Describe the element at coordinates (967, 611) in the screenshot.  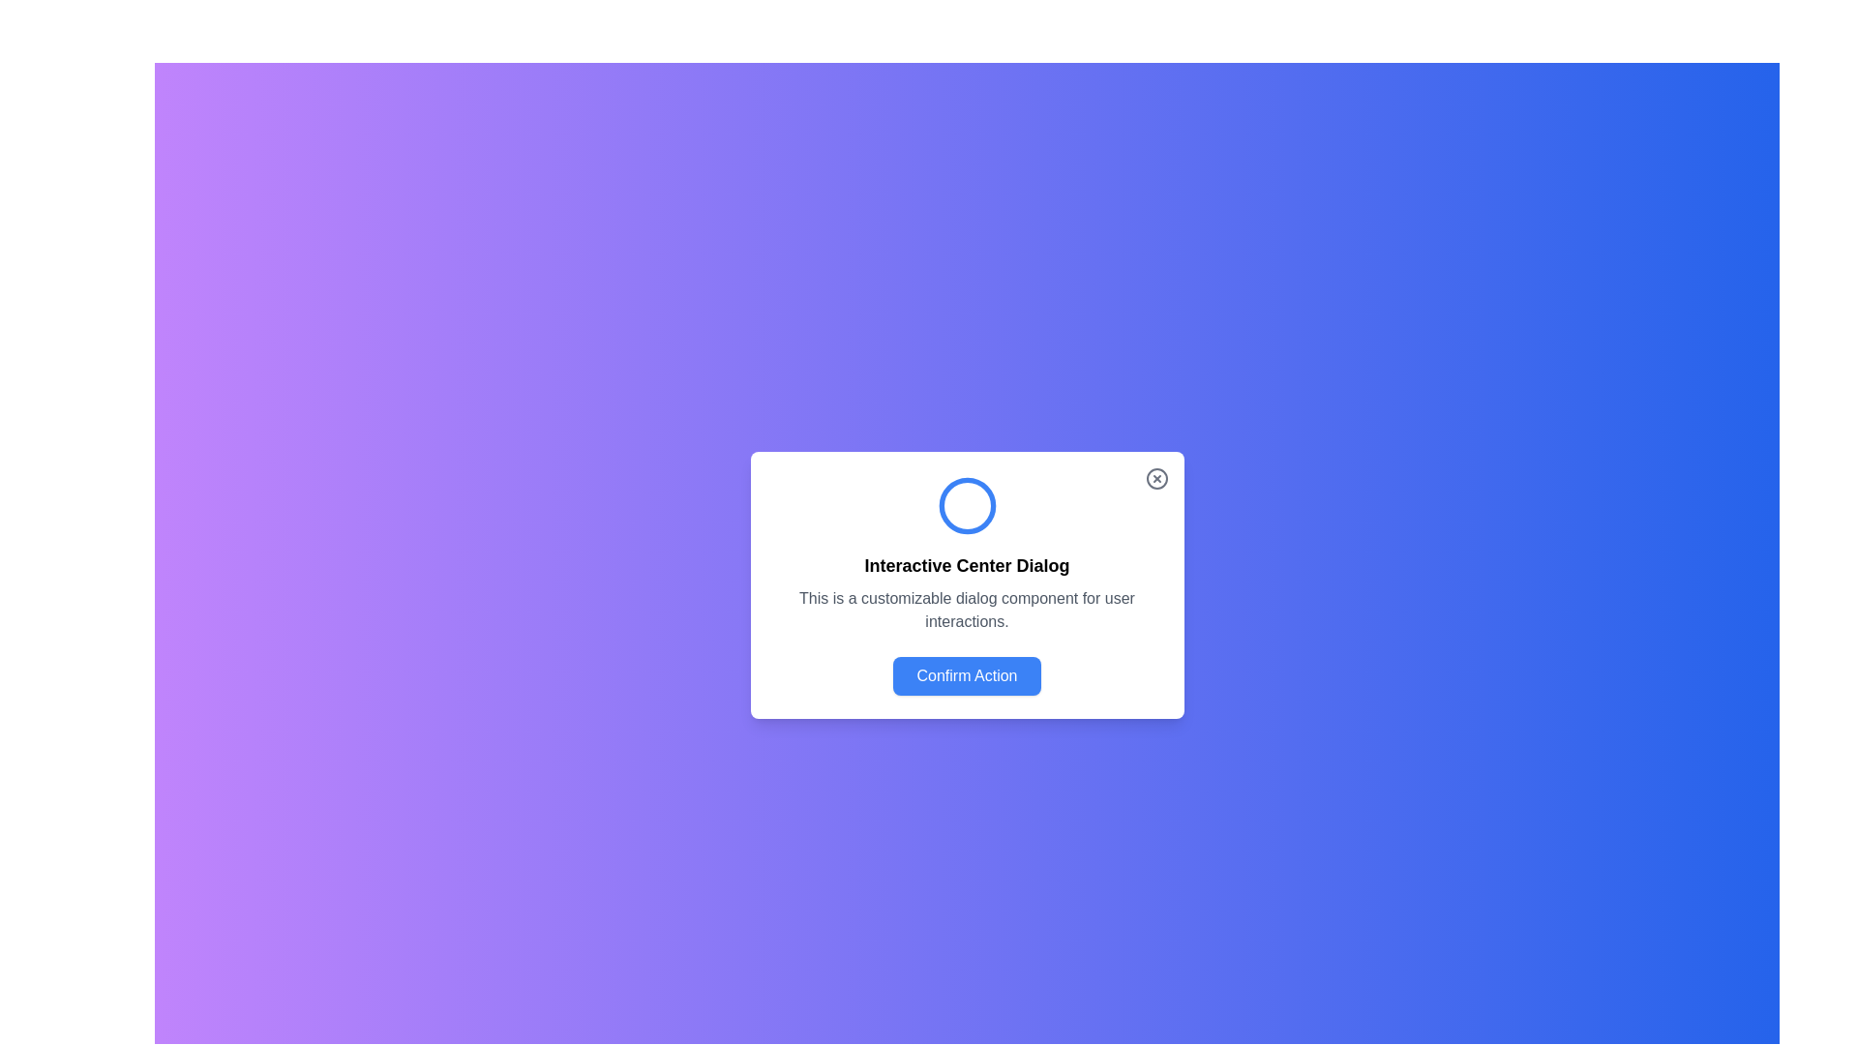
I see `the Text Label that provides additional descriptive information about the dialog box, positioned below the main title 'Interactive Center Dialog' and above the button labeled 'Confirm Action'` at that location.